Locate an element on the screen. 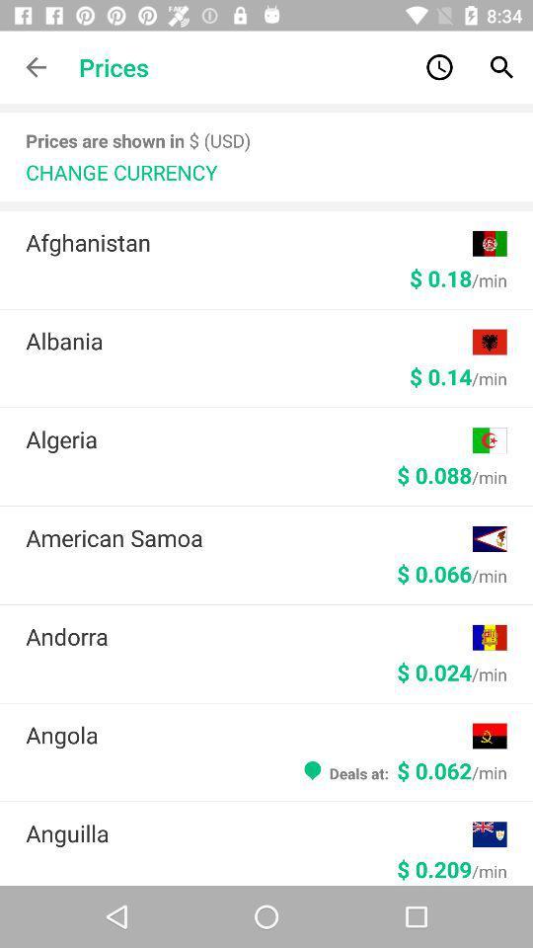 This screenshot has height=948, width=533. the item below $ 0.024/min icon is located at coordinates (249, 734).